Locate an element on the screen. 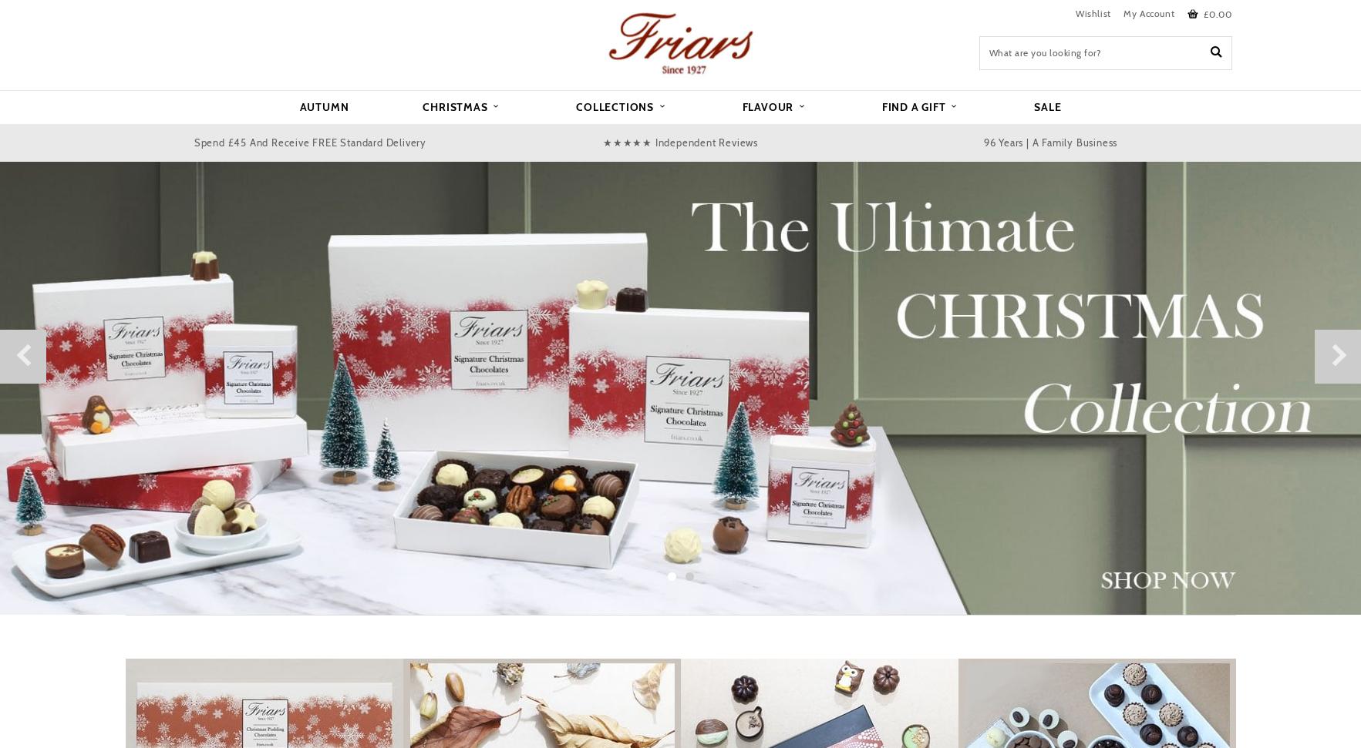  'Liqueur Chocolates' is located at coordinates (243, 177).